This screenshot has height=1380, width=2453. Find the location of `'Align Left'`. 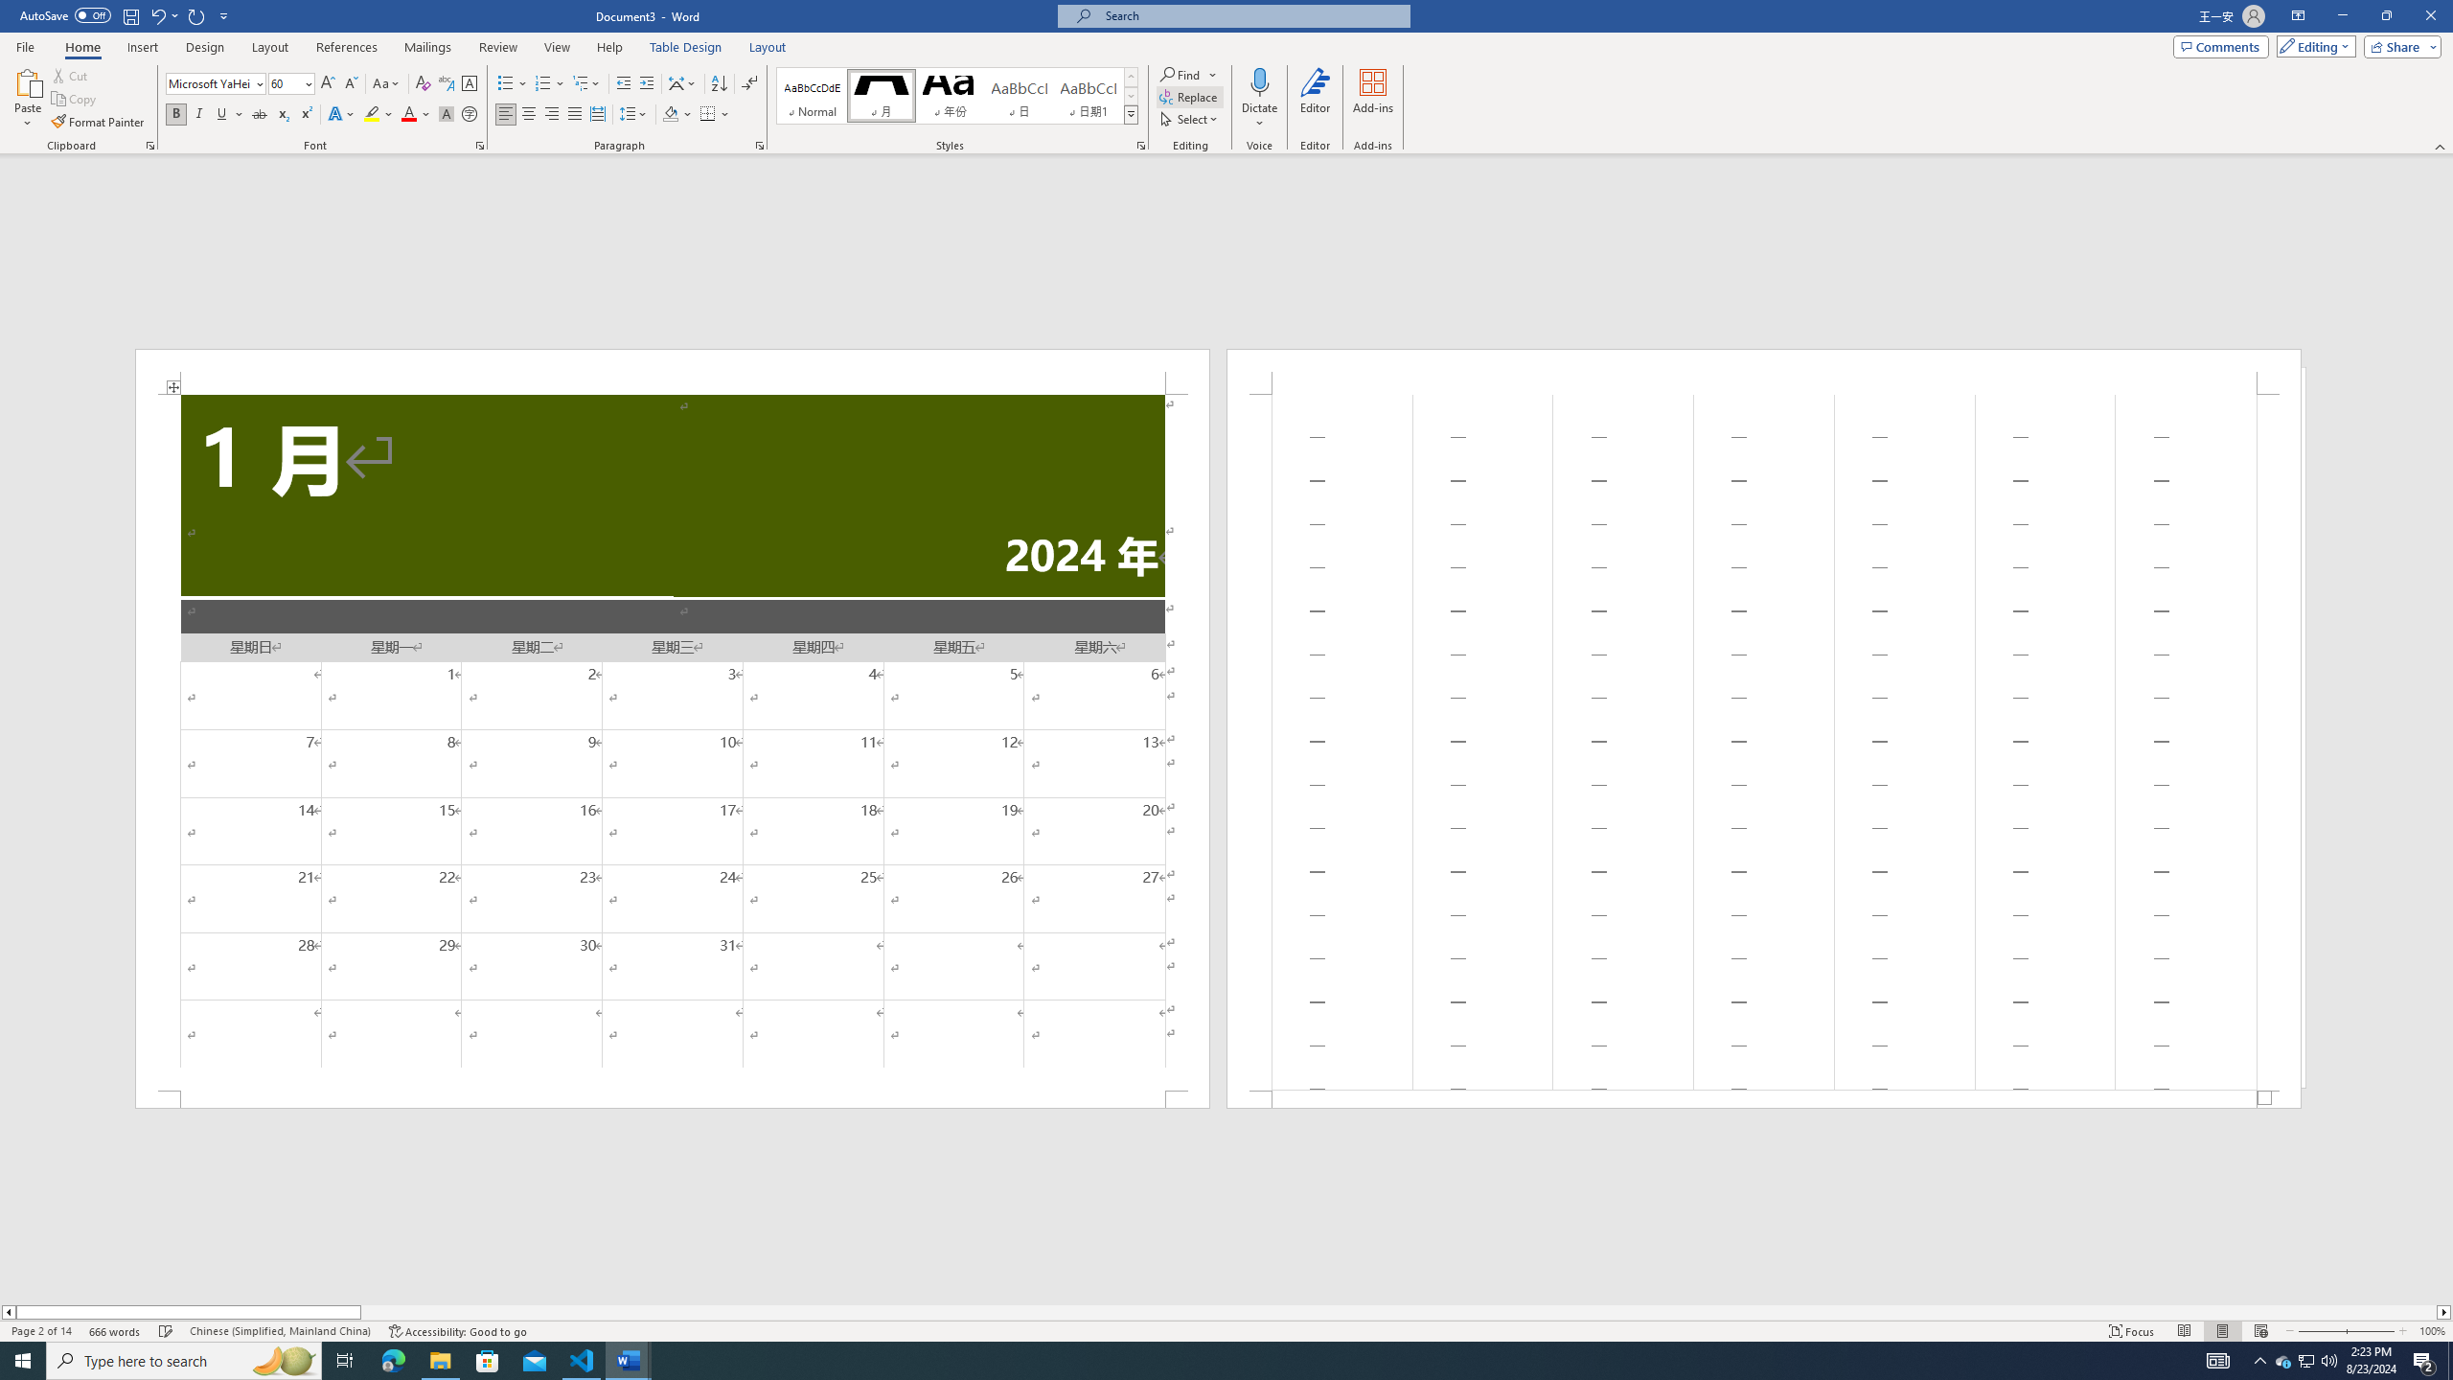

'Align Left' is located at coordinates (505, 113).